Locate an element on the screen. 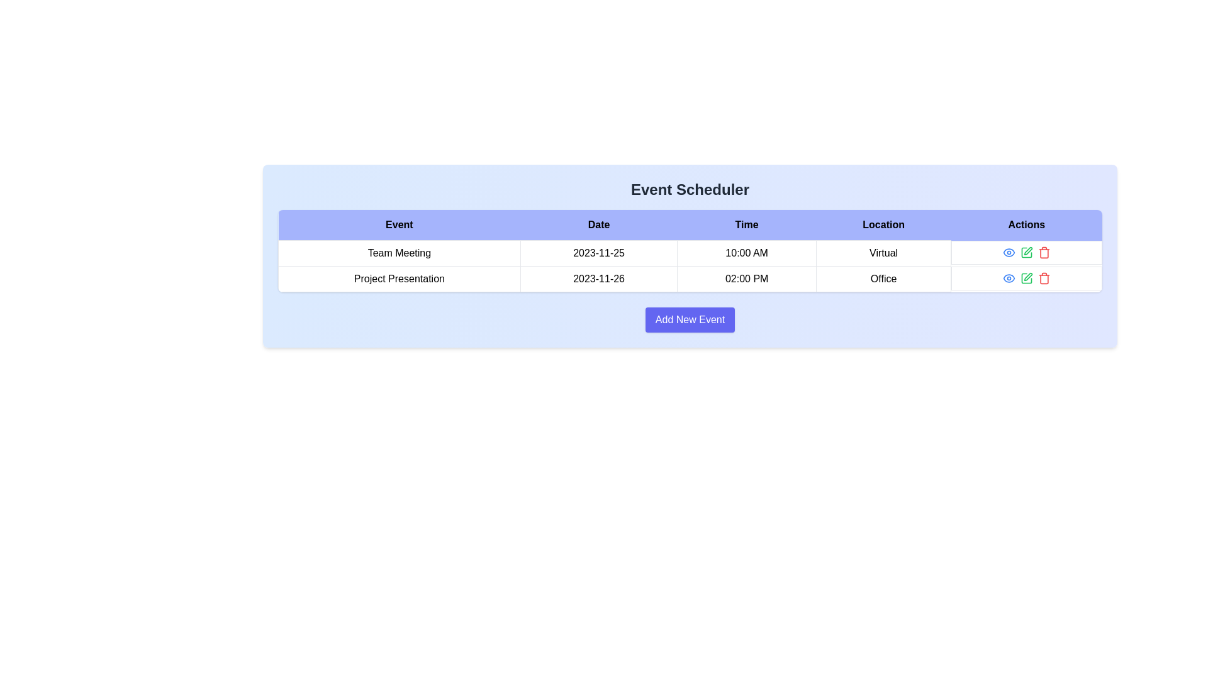 This screenshot has width=1208, height=679. the second row of the events table which contains the event 'Project Presentation', scheduled for '2023-11-26' at '02:00 PM' in the 'Office' is located at coordinates (690, 278).